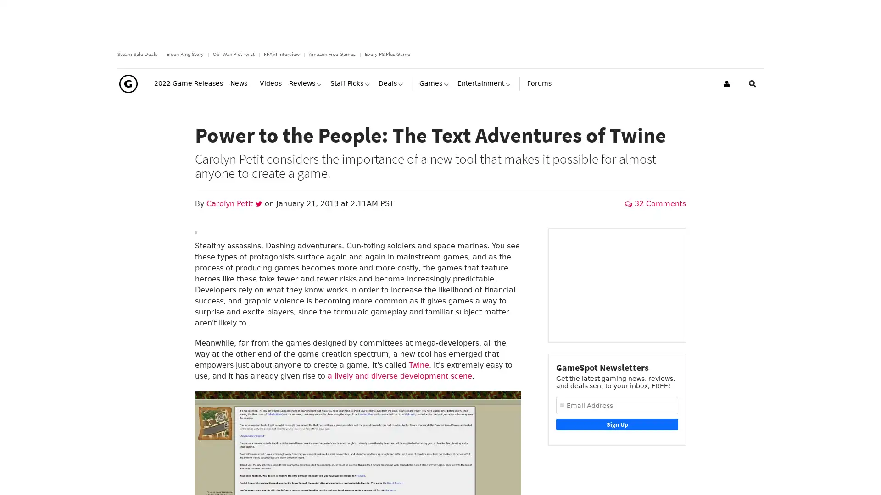 This screenshot has width=881, height=495. What do you see at coordinates (753, 100) in the screenshot?
I see `Open Site Search` at bounding box center [753, 100].